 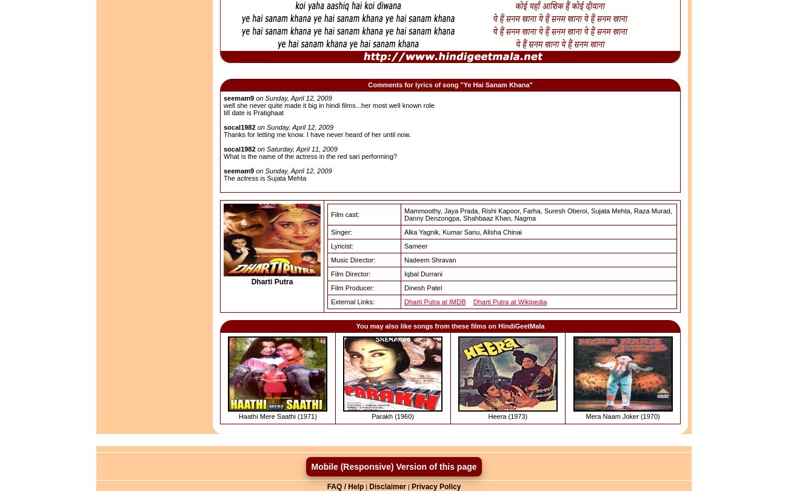 I want to click on 'Nadeem Shravan', so click(x=404, y=259).